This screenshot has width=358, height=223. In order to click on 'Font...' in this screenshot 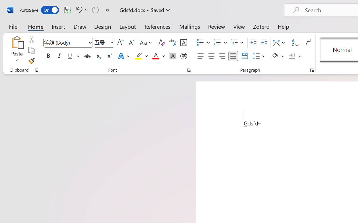, I will do `click(189, 70)`.